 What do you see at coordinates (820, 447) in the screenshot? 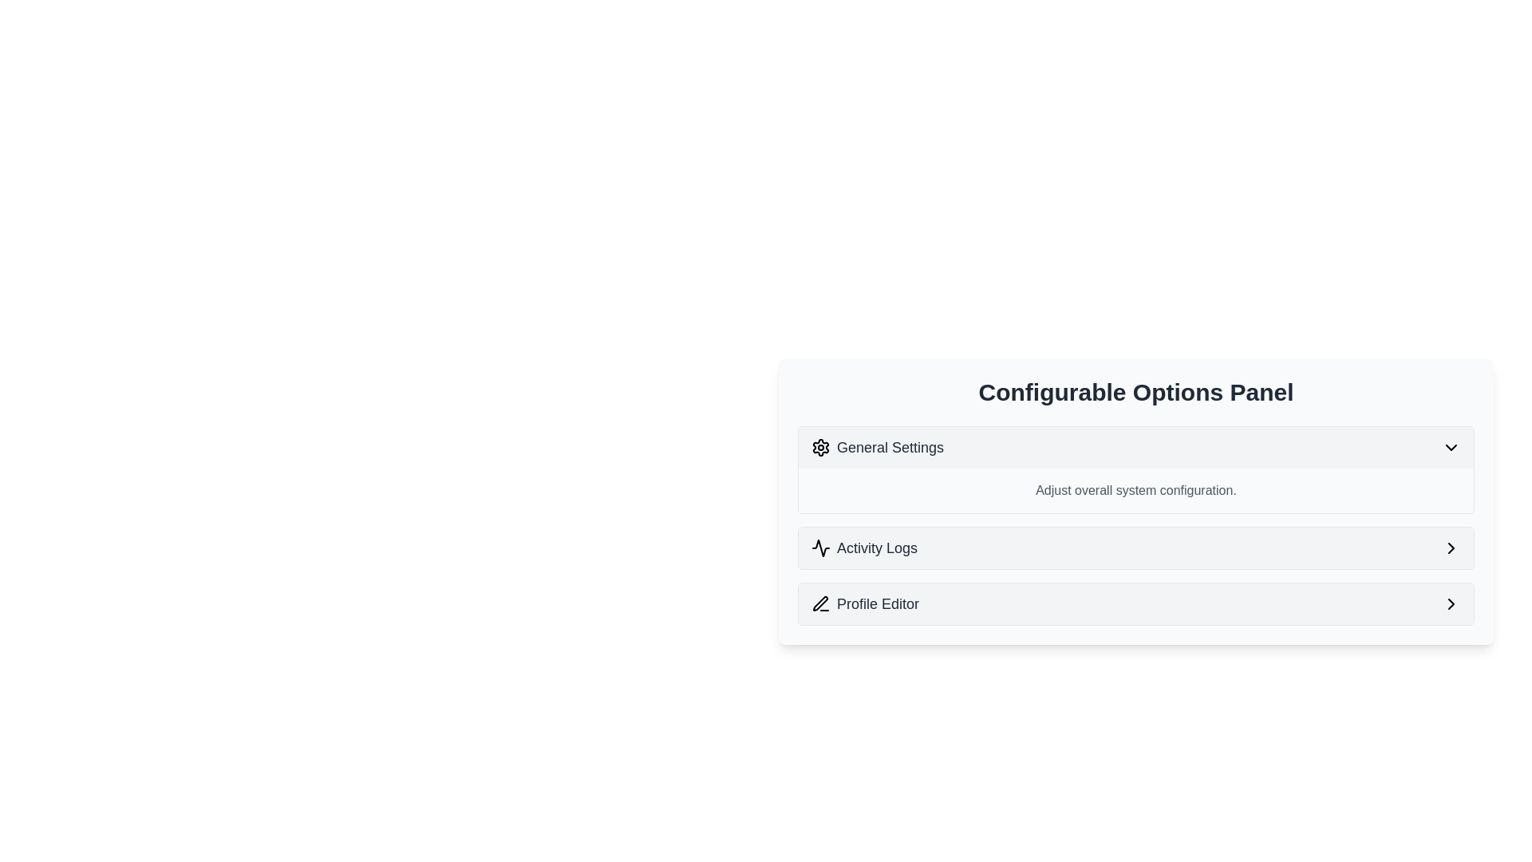
I see `the gear-shaped icon that represents the 'General Settings' menu item, which is located to the left of the 'General Settings' text in the first menu item of the vertical list` at bounding box center [820, 447].